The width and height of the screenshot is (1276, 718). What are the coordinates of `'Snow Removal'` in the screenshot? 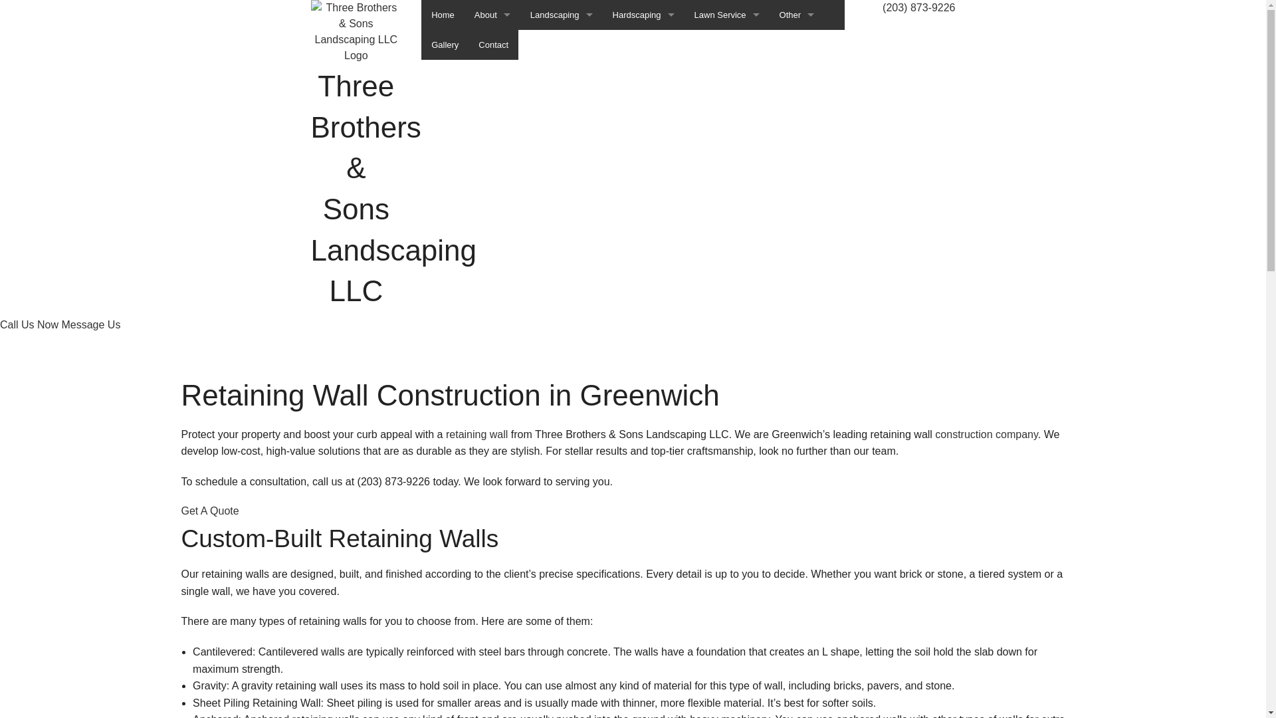 It's located at (797, 553).